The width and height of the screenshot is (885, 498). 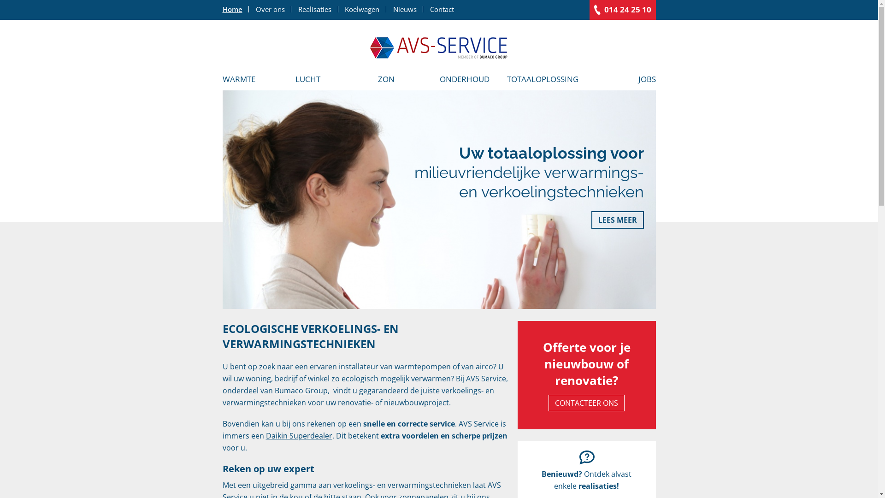 What do you see at coordinates (248, 9) in the screenshot?
I see `'Over ons'` at bounding box center [248, 9].